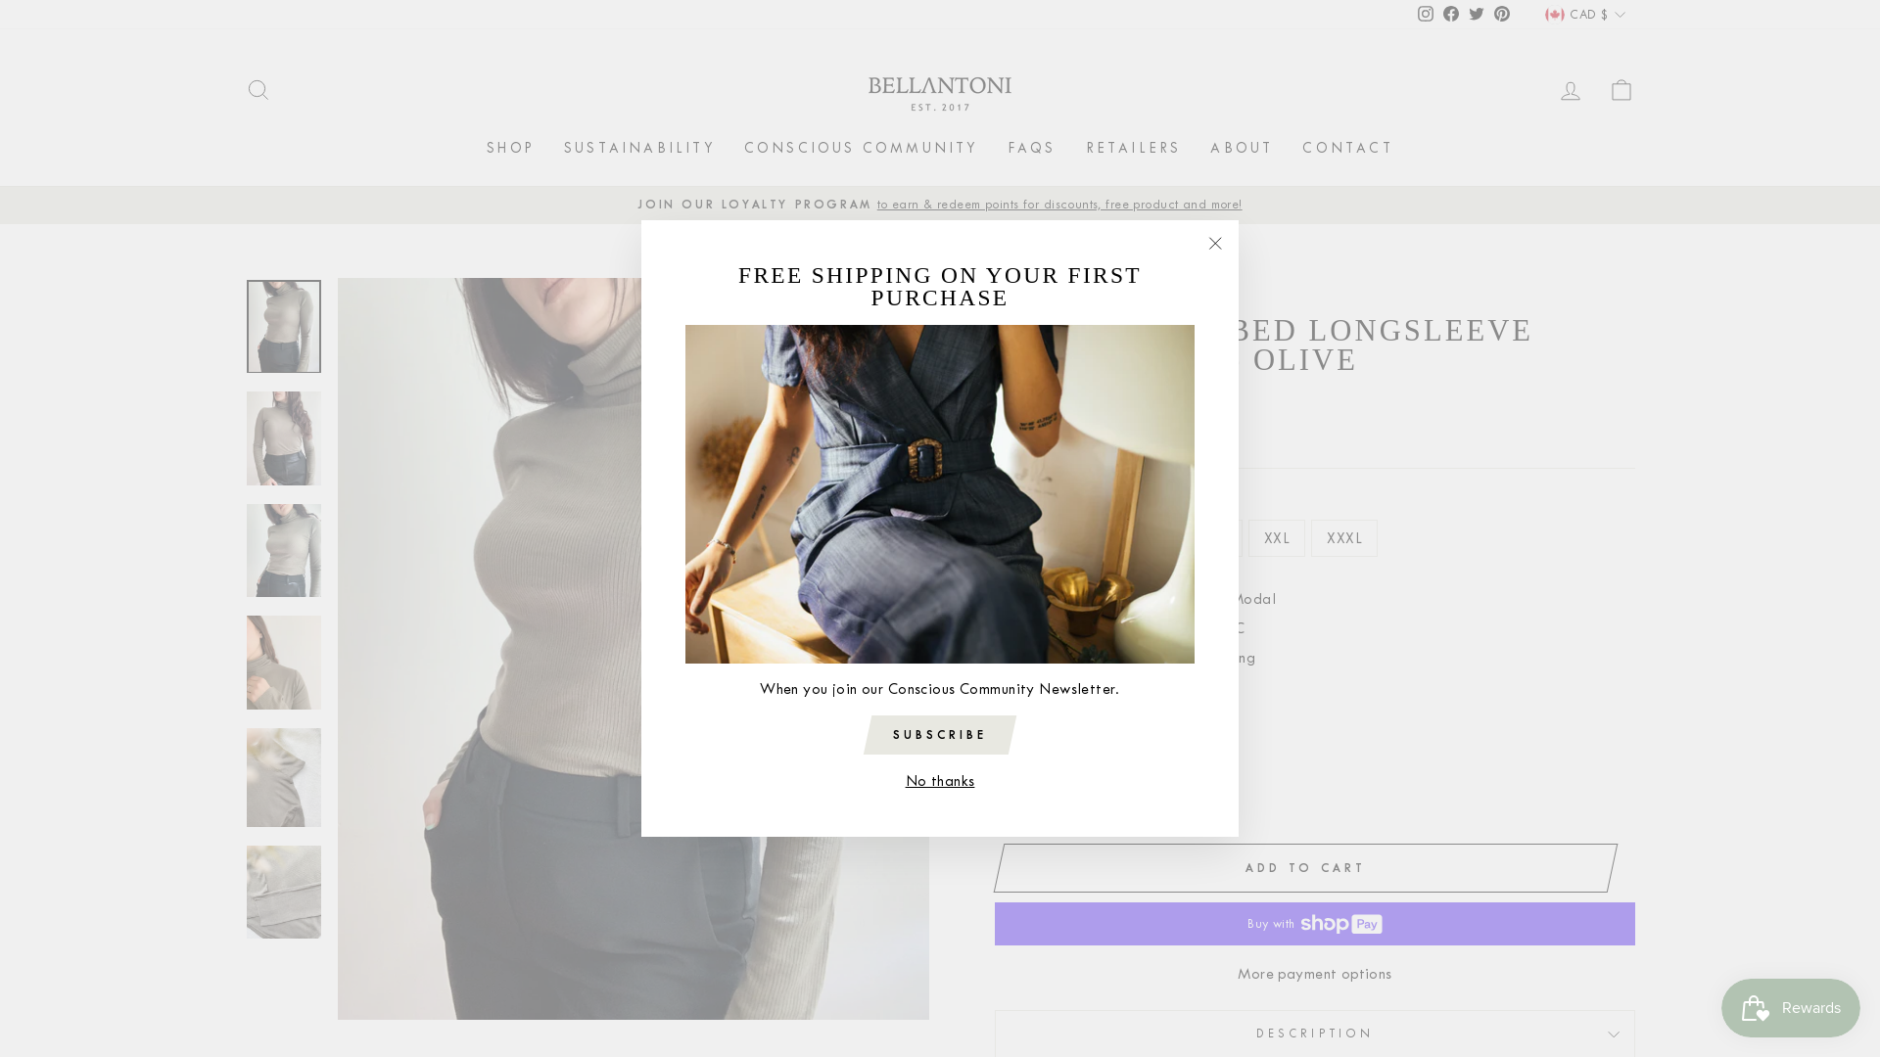 The height and width of the screenshot is (1057, 1880). I want to click on 'SHOP', so click(510, 147).